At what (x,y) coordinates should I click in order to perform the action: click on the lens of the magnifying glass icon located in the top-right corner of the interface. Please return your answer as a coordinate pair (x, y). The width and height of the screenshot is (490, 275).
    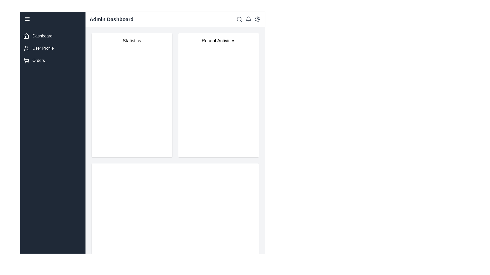
    Looking at the image, I should click on (239, 19).